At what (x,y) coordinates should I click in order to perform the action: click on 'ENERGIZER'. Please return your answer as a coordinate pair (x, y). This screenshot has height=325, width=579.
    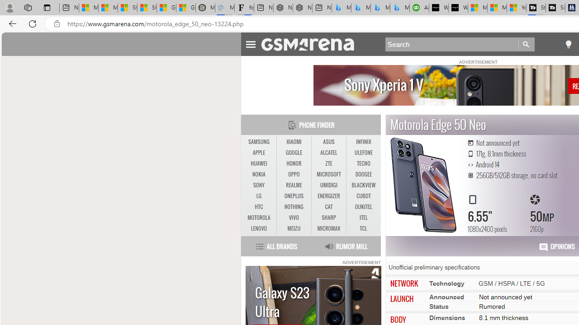
    Looking at the image, I should click on (328, 195).